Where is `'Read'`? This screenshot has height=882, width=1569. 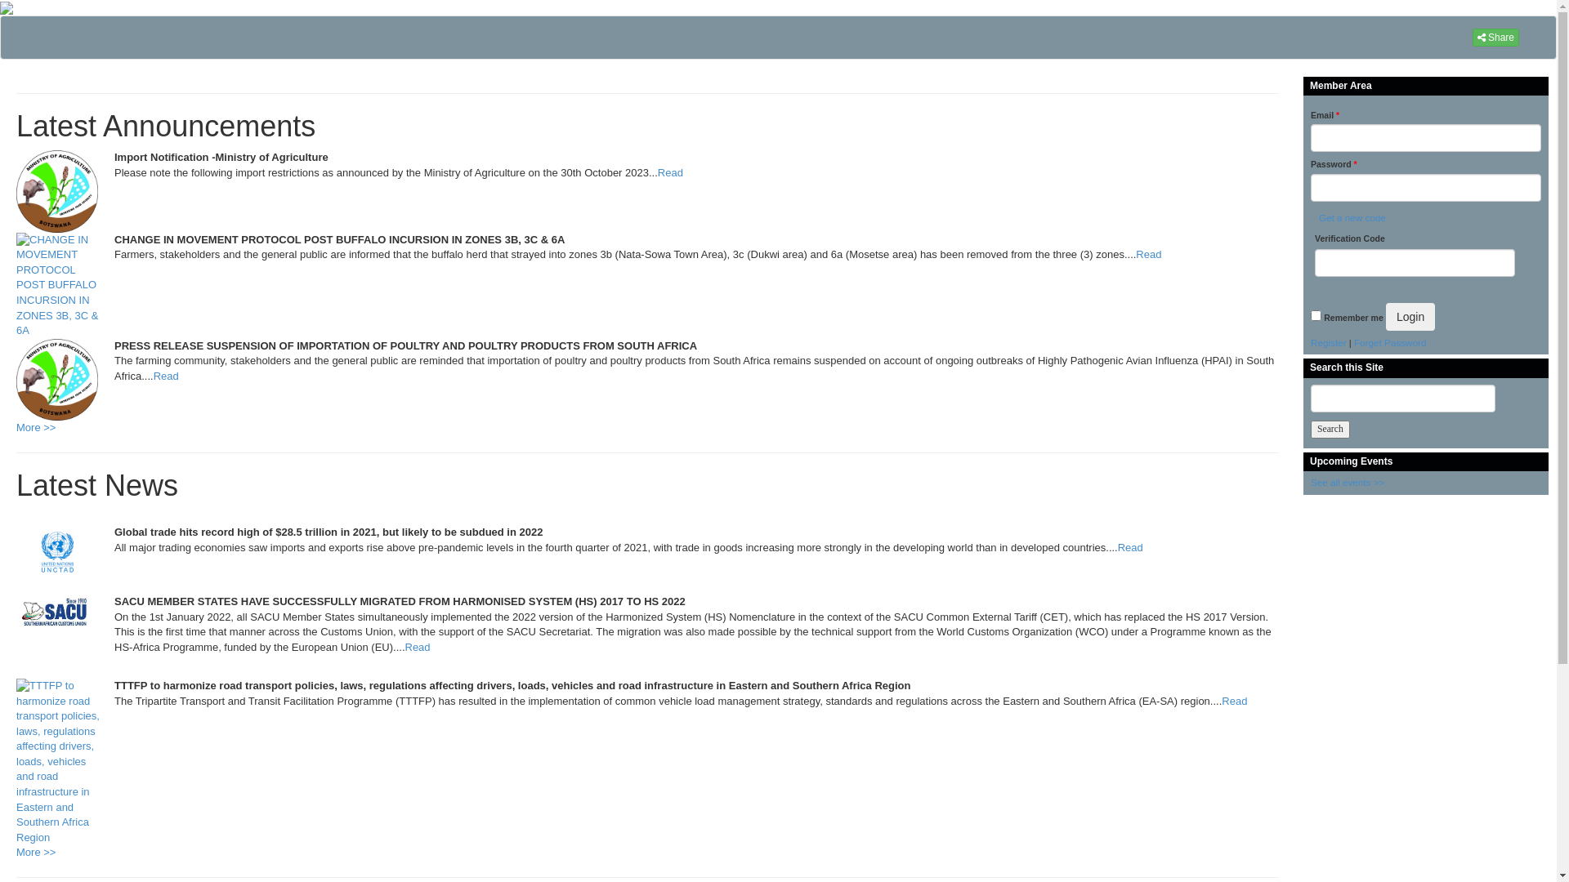 'Read' is located at coordinates (418, 646).